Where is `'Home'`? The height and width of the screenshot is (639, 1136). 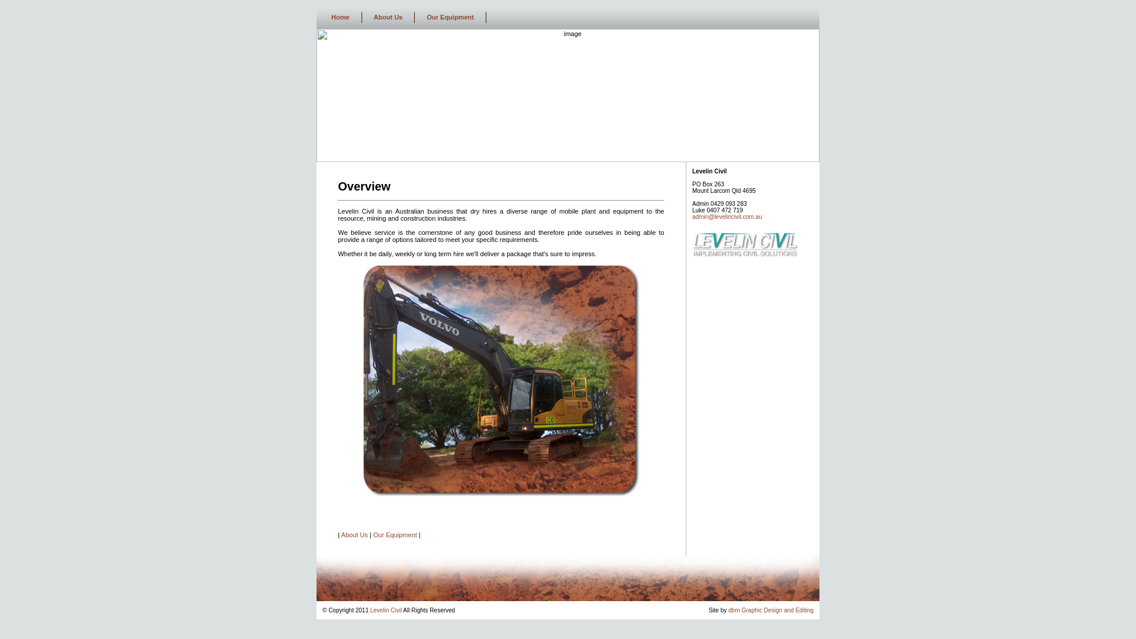
'Home' is located at coordinates (340, 17).